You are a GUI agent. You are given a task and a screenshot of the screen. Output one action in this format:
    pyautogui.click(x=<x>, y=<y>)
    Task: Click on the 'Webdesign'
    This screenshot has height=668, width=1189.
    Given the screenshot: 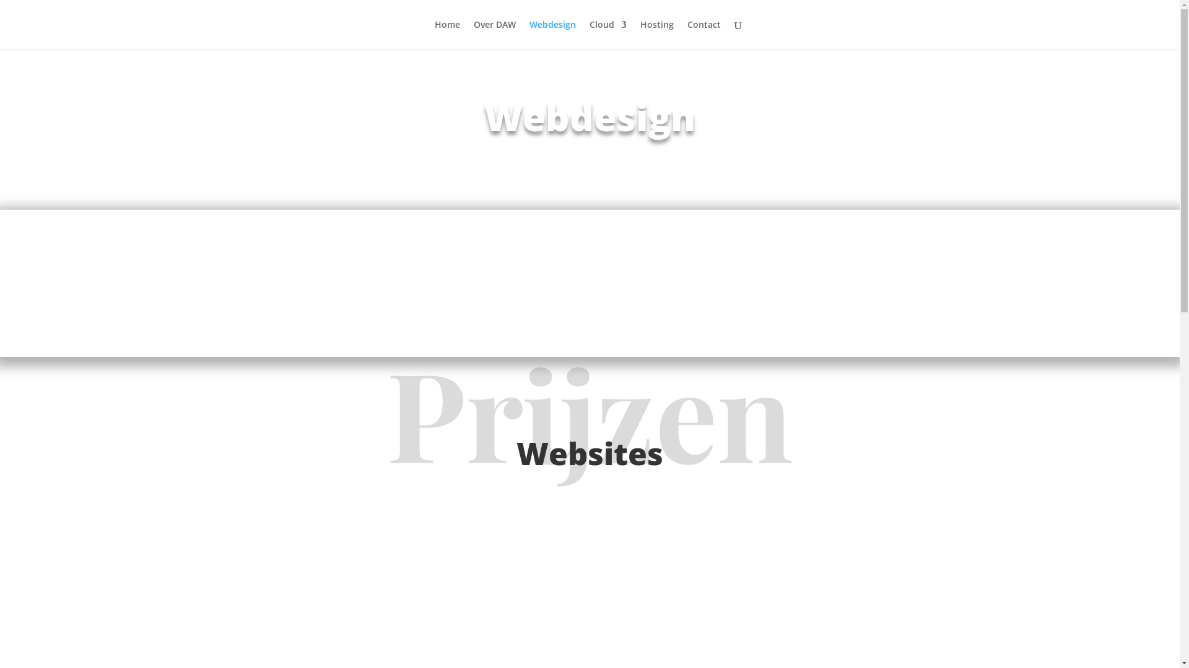 What is the action you would take?
    pyautogui.click(x=551, y=34)
    